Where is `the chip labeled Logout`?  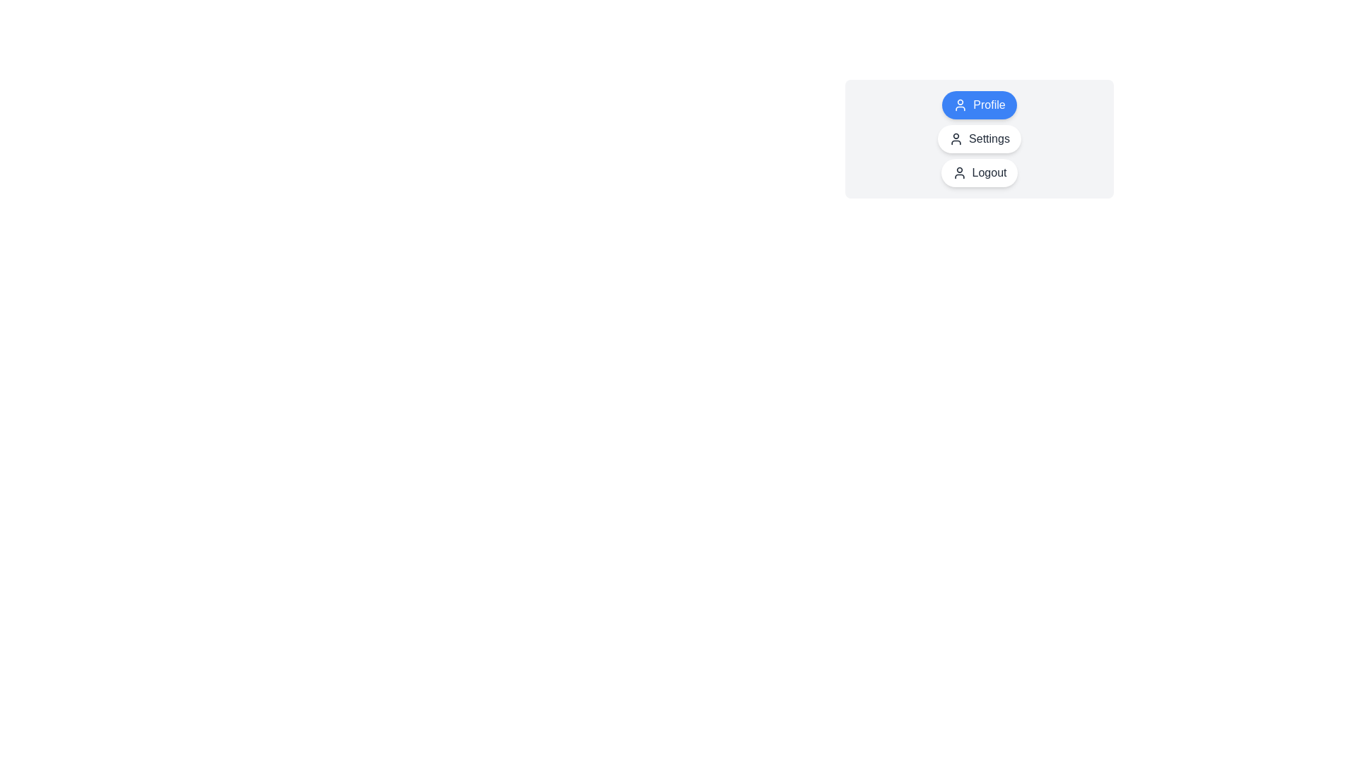 the chip labeled Logout is located at coordinates (979, 172).